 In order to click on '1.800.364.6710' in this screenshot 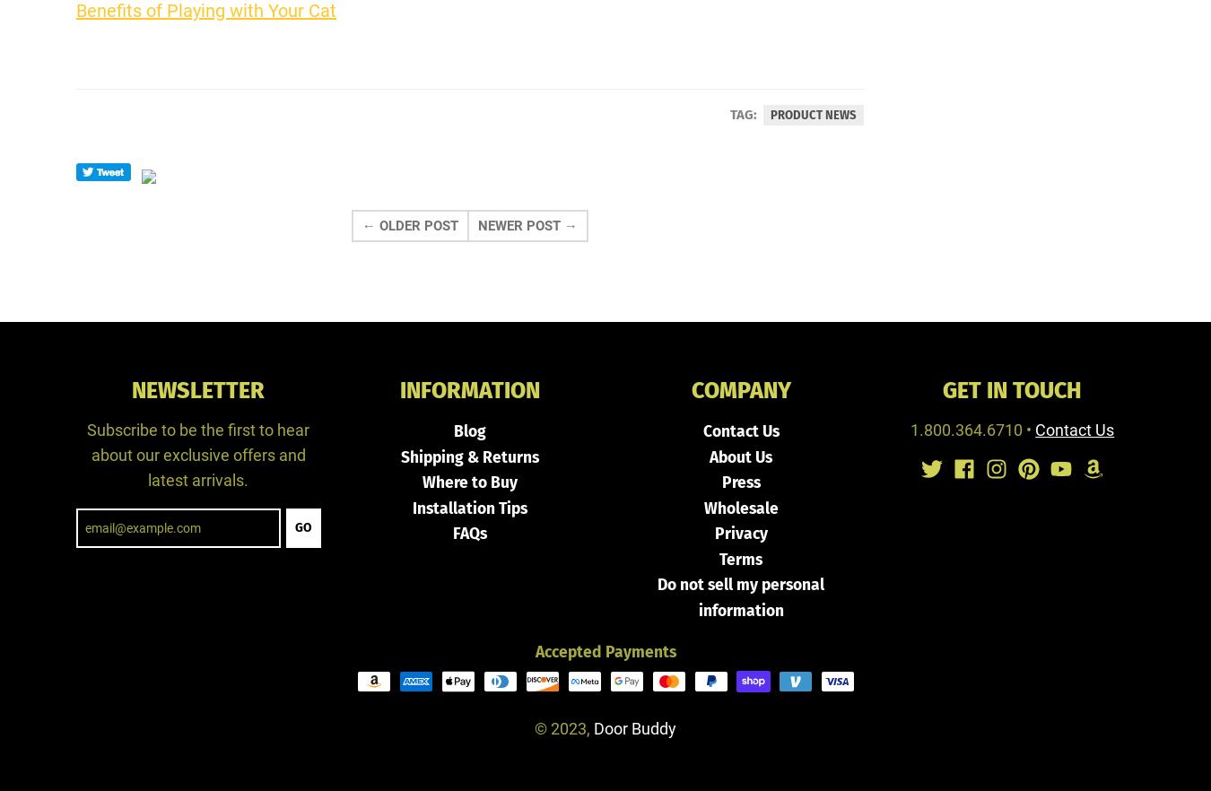, I will do `click(966, 429)`.